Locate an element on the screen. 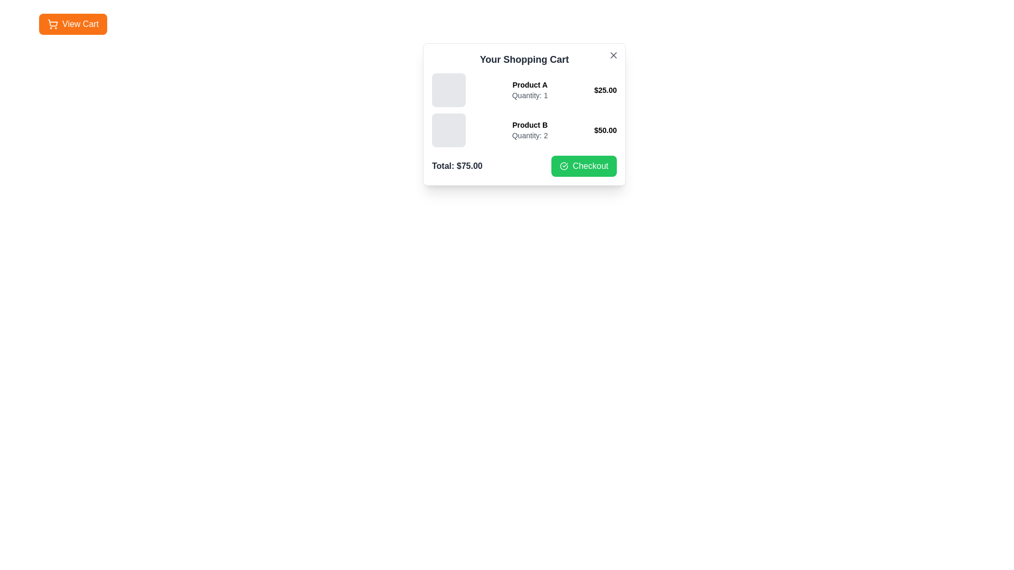  the text block displaying the details of the second item in the shopping cart, which includes the product name and quantity, located below 'Product A' and to the right of an empty image placeholder is located at coordinates (530, 129).